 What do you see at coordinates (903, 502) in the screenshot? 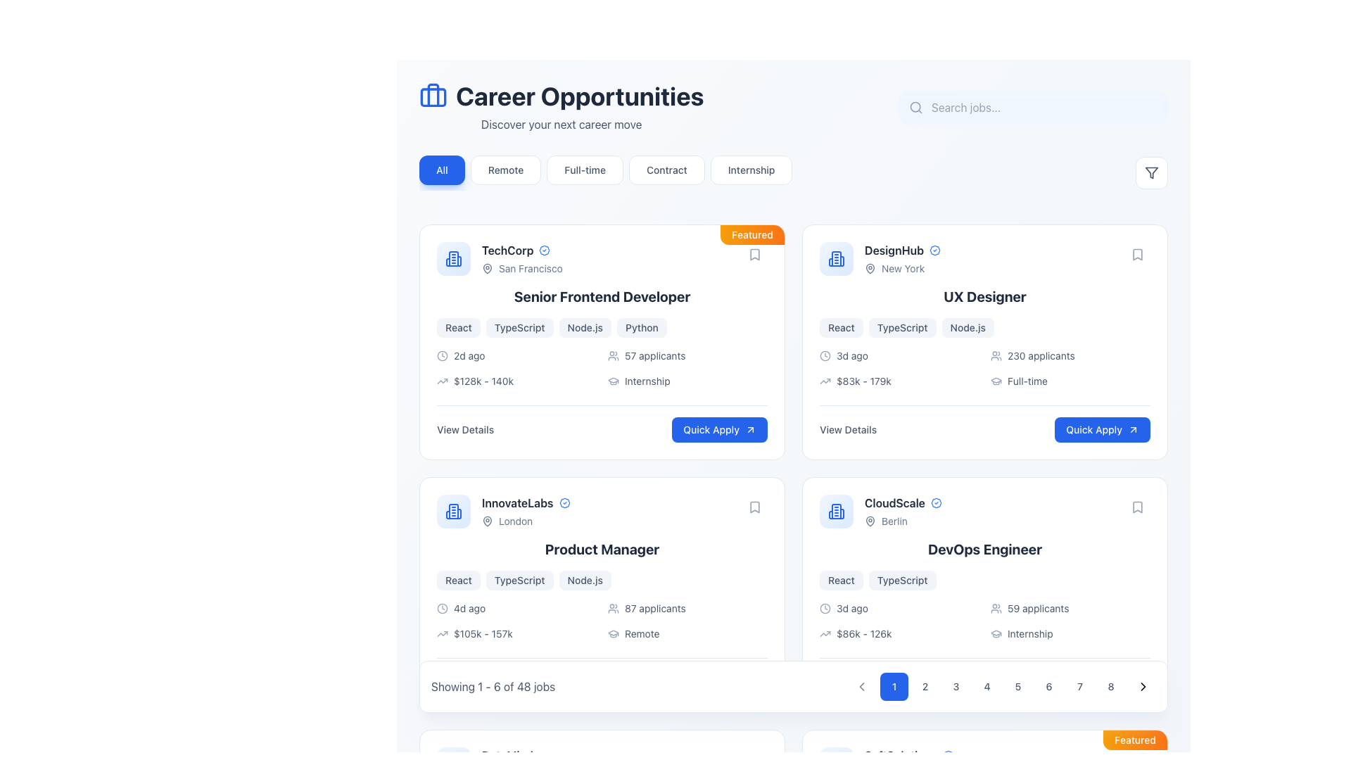
I see `the company name label with a verification badge located in the middle-right region of the job listing card, positioned above the 'Berlin' label` at bounding box center [903, 502].